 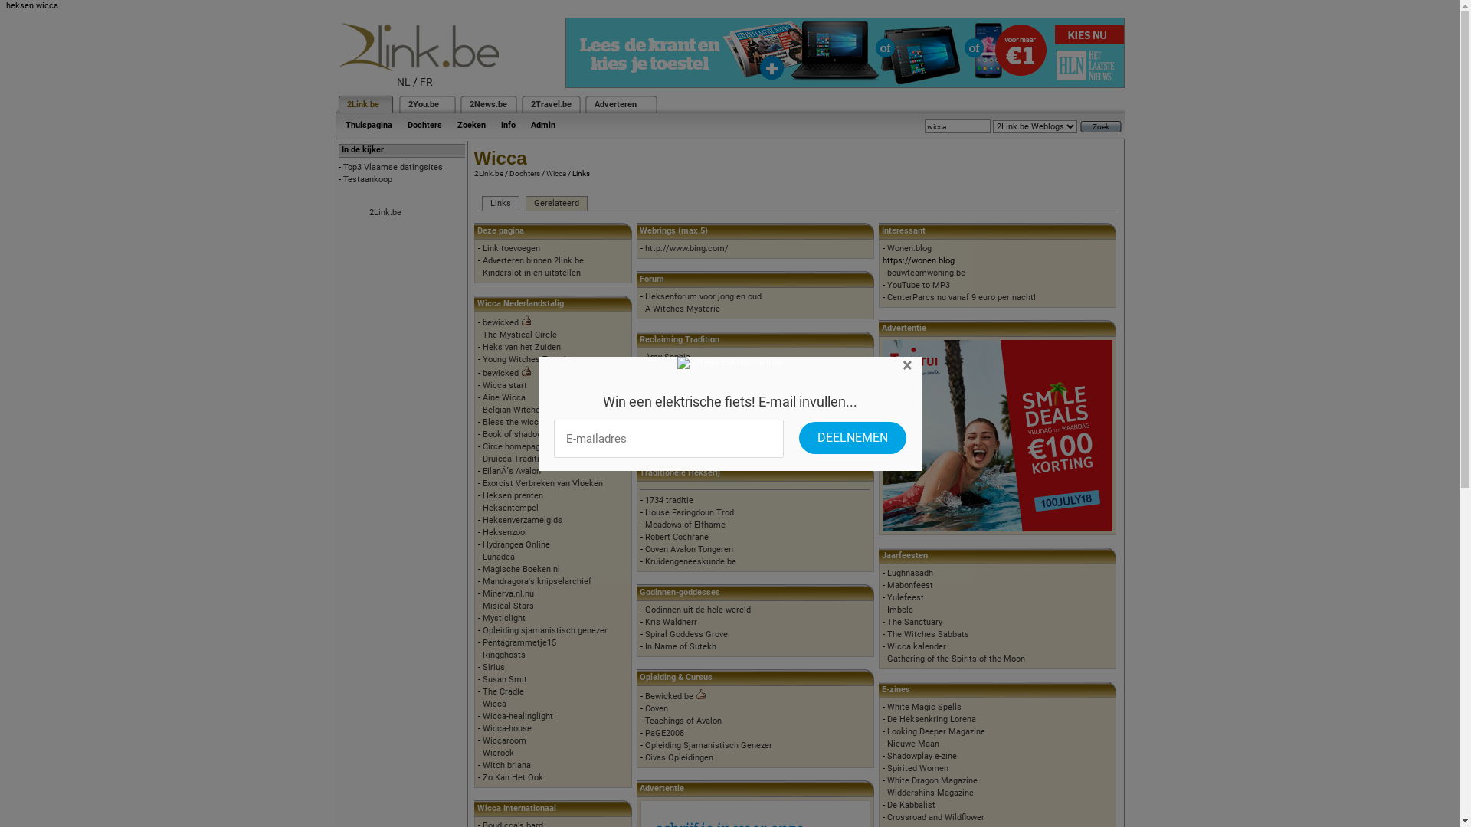 What do you see at coordinates (555, 203) in the screenshot?
I see `'Gerelateerd'` at bounding box center [555, 203].